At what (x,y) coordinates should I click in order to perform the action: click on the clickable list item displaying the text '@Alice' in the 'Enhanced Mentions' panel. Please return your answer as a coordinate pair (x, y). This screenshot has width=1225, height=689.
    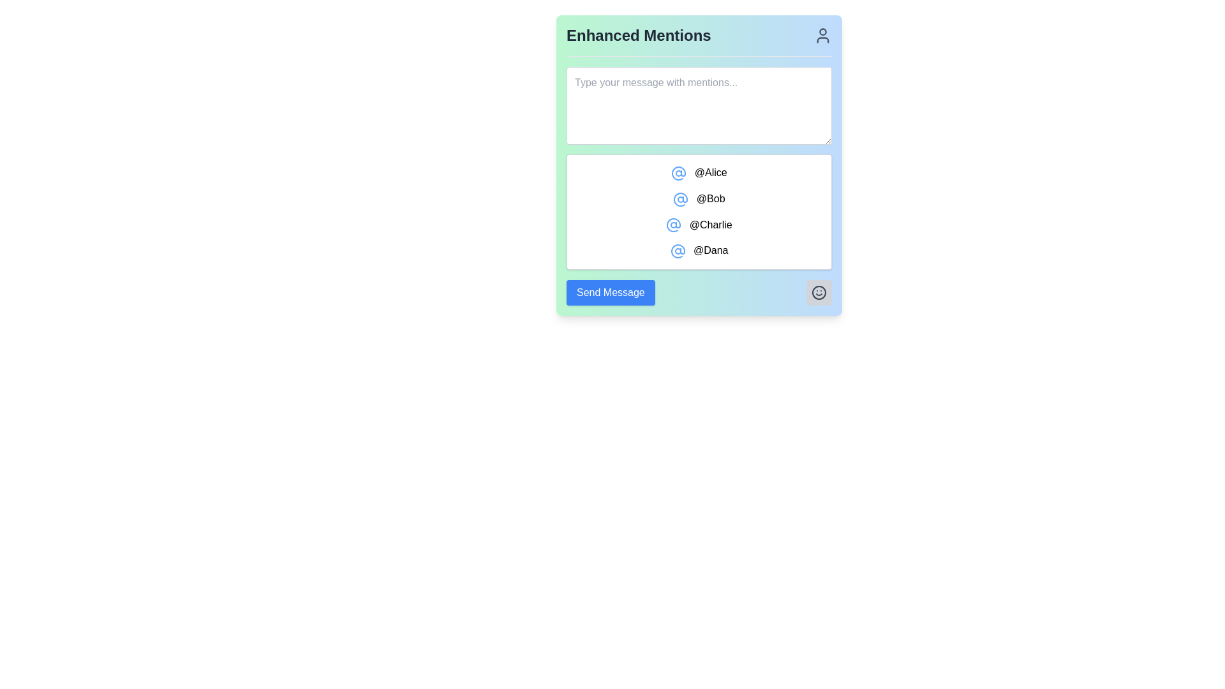
    Looking at the image, I should click on (698, 172).